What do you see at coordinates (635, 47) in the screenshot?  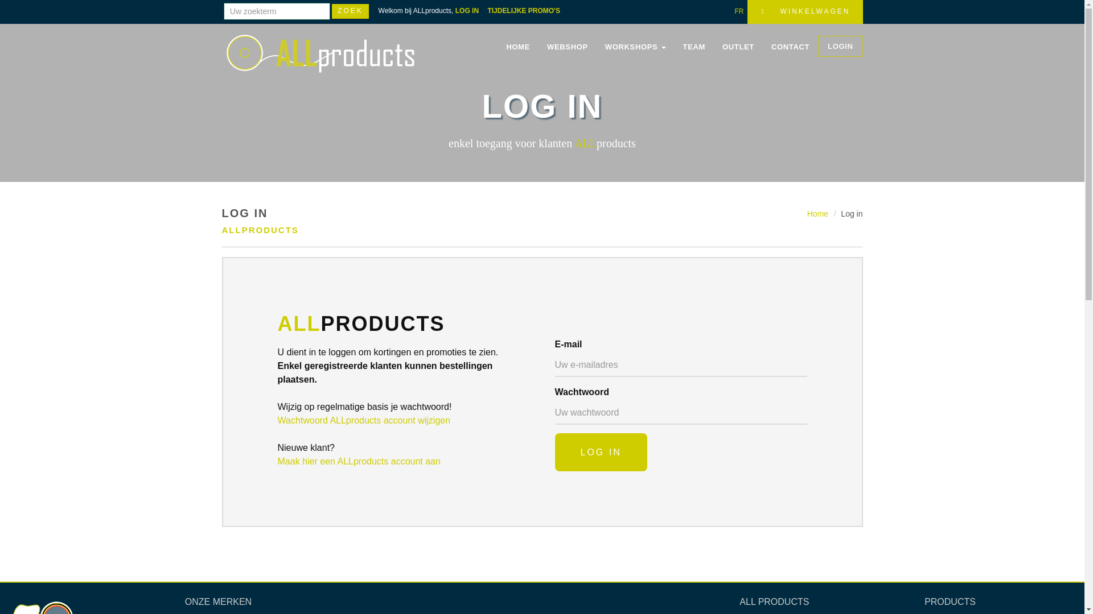 I see `'WORKSHOPS'` at bounding box center [635, 47].